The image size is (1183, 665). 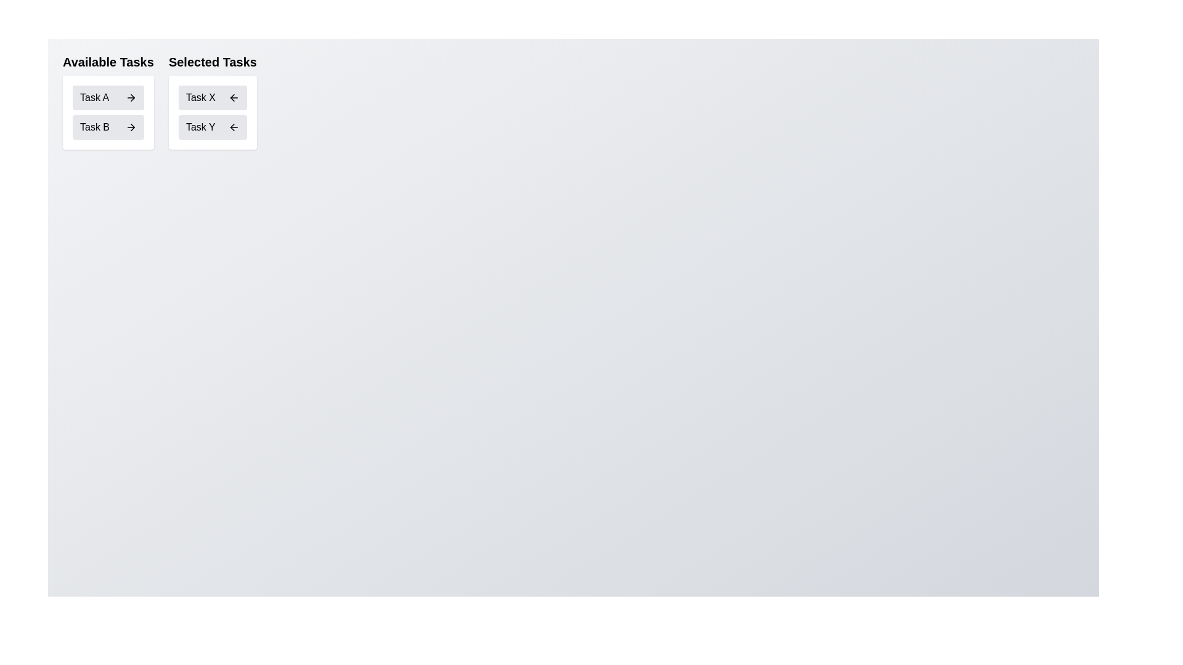 What do you see at coordinates (94, 97) in the screenshot?
I see `the container of the task text to select or highlight it` at bounding box center [94, 97].